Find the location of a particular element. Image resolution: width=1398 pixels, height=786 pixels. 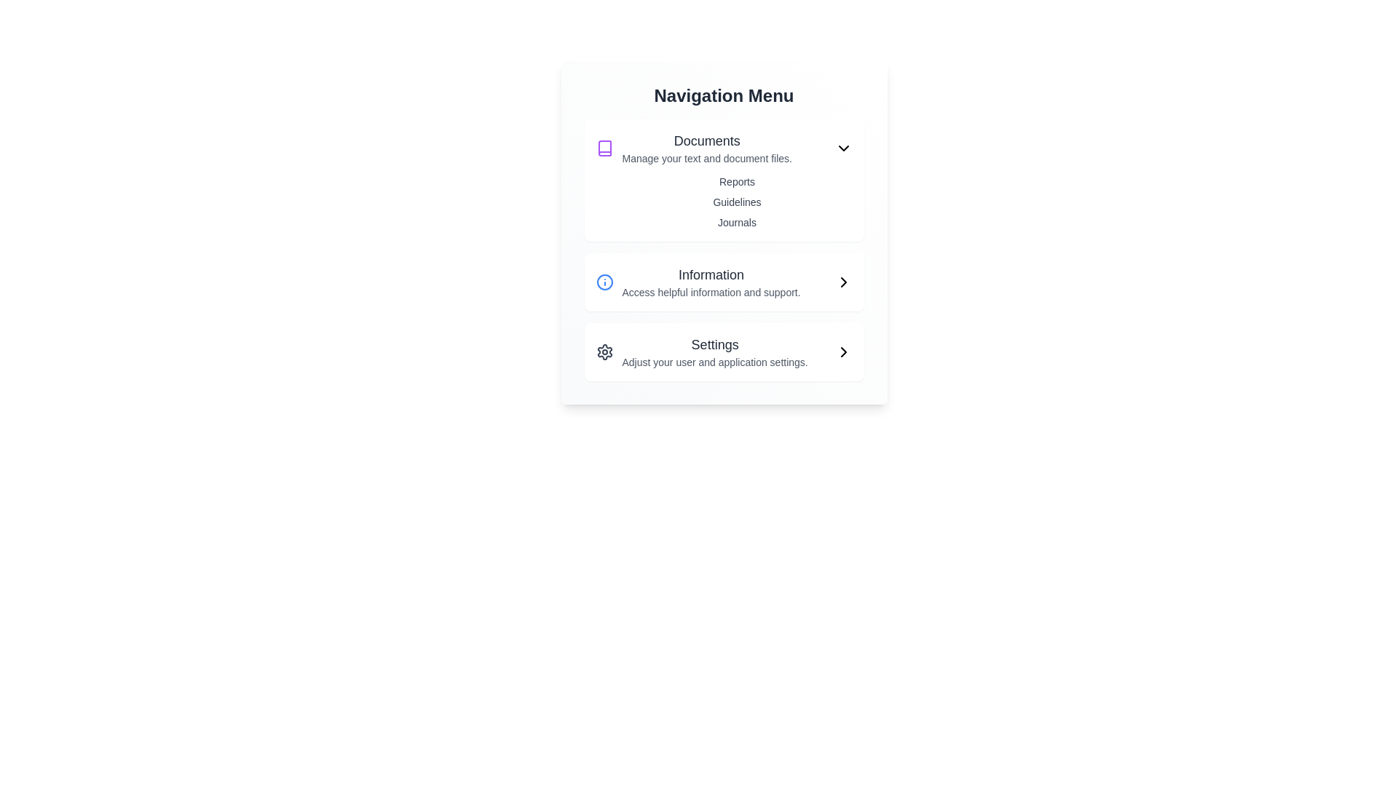

the decorative chevron icon located to the far right of the 'Documents' section title is located at coordinates (843, 148).